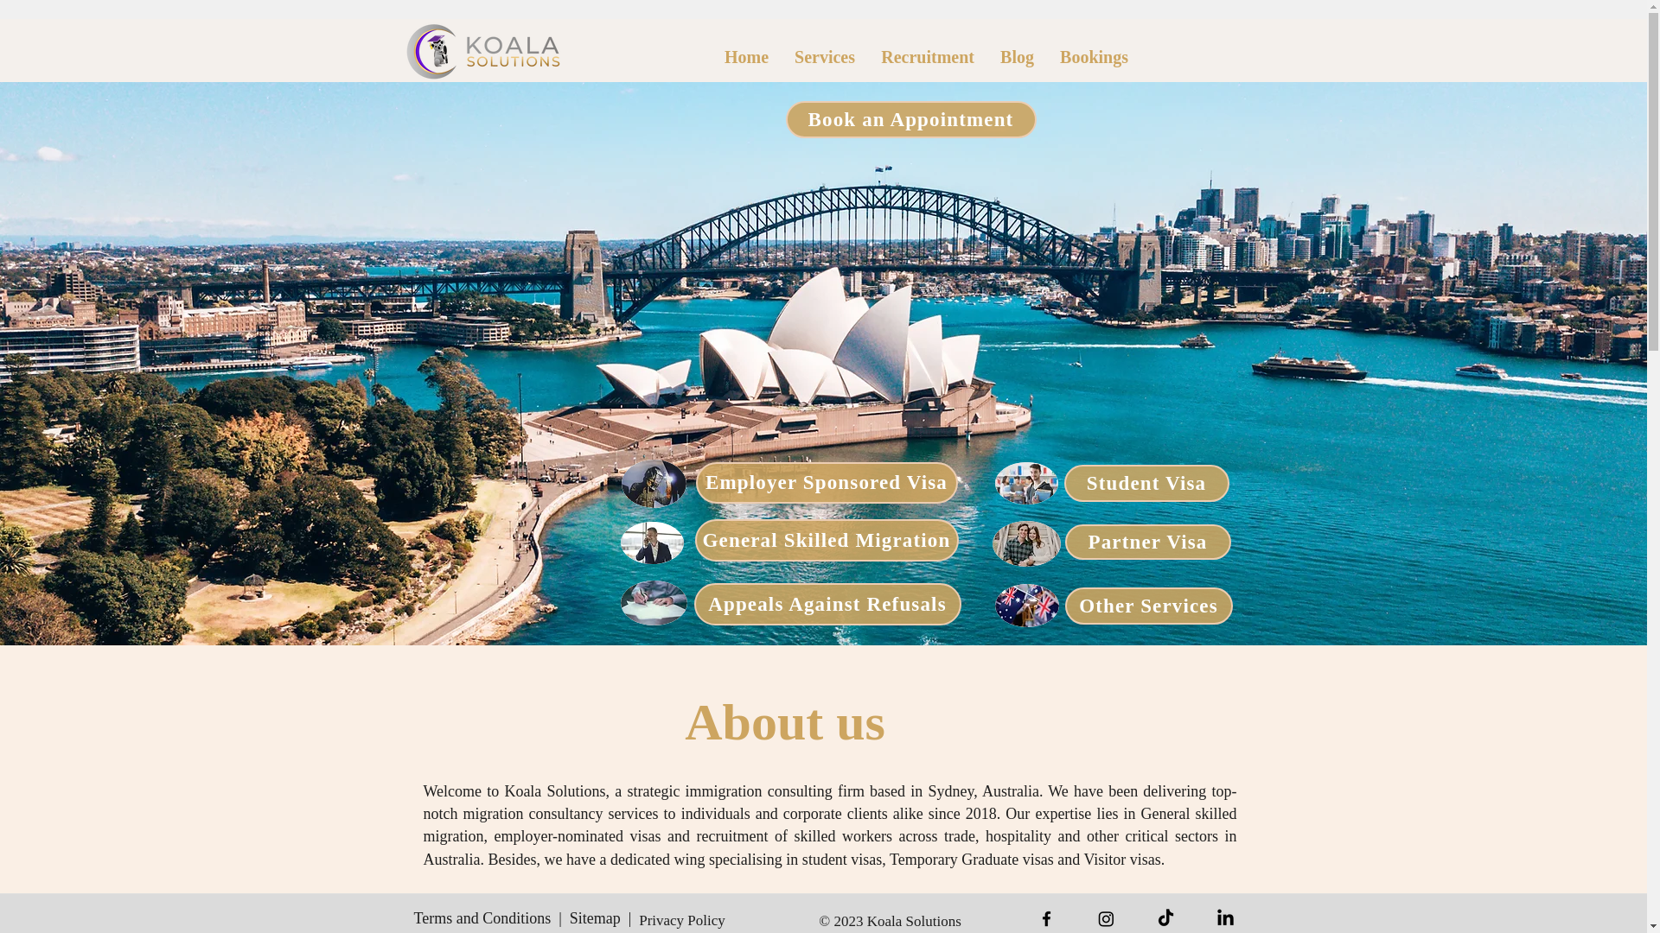 The width and height of the screenshot is (1660, 933). Describe the element at coordinates (601, 917) in the screenshot. I see `'Sitemap  |'` at that location.